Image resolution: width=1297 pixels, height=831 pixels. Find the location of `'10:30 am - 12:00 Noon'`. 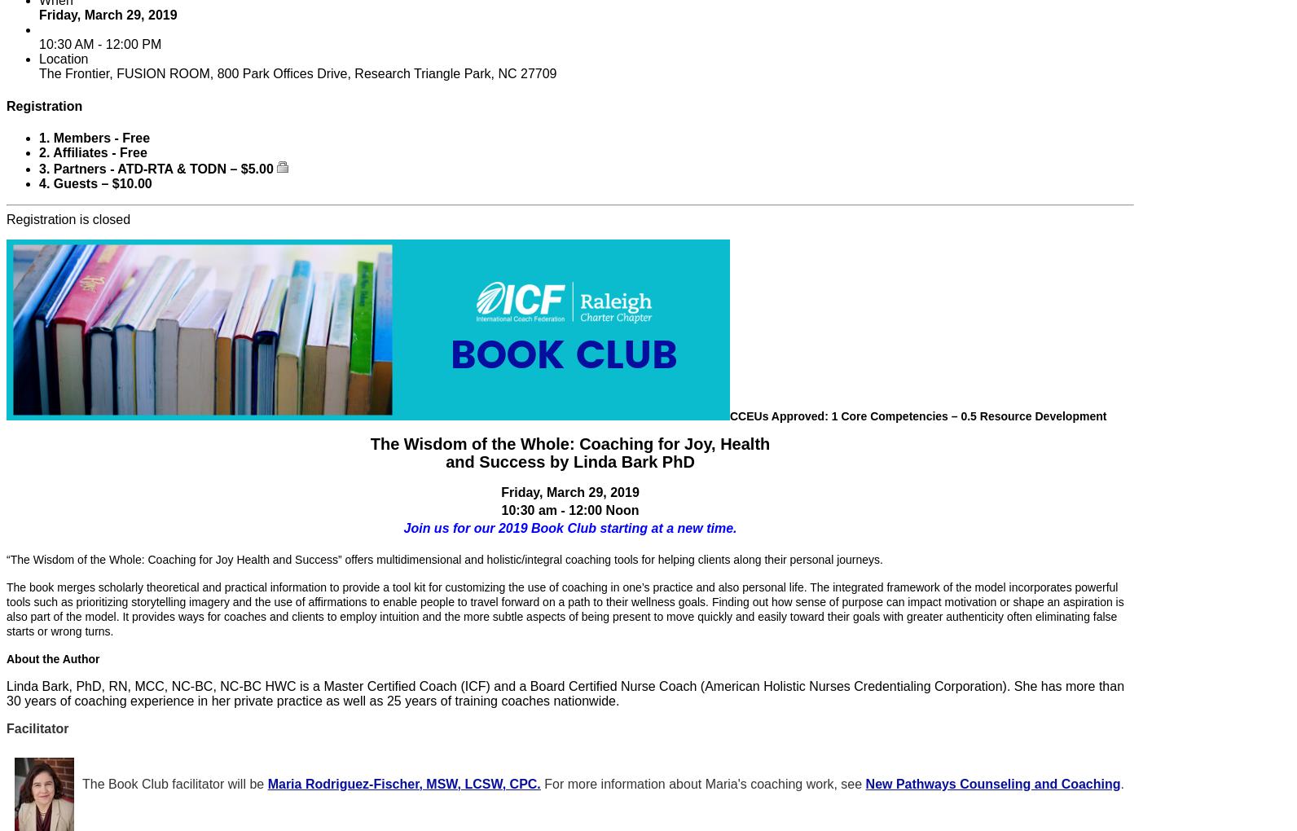

'10:30 am - 12:00 Noon' is located at coordinates (499, 508).